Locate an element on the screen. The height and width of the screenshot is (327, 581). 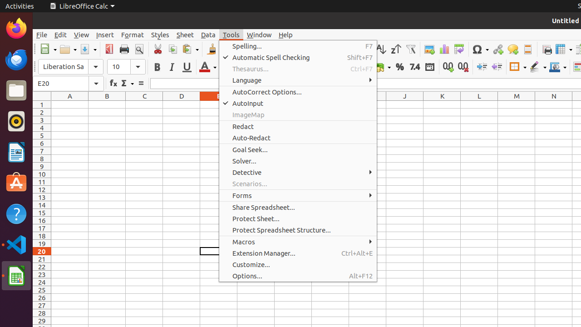
'Edit' is located at coordinates (60, 34).